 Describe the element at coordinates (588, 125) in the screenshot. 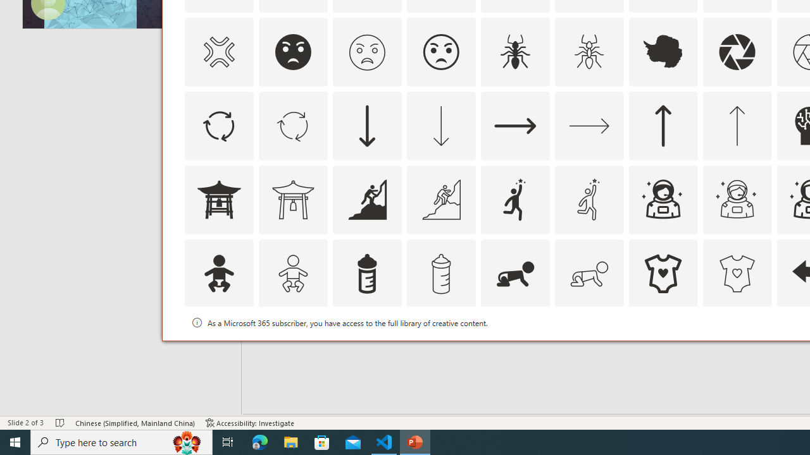

I see `'AutomationID: Icons_ArrowRight_M'` at that location.